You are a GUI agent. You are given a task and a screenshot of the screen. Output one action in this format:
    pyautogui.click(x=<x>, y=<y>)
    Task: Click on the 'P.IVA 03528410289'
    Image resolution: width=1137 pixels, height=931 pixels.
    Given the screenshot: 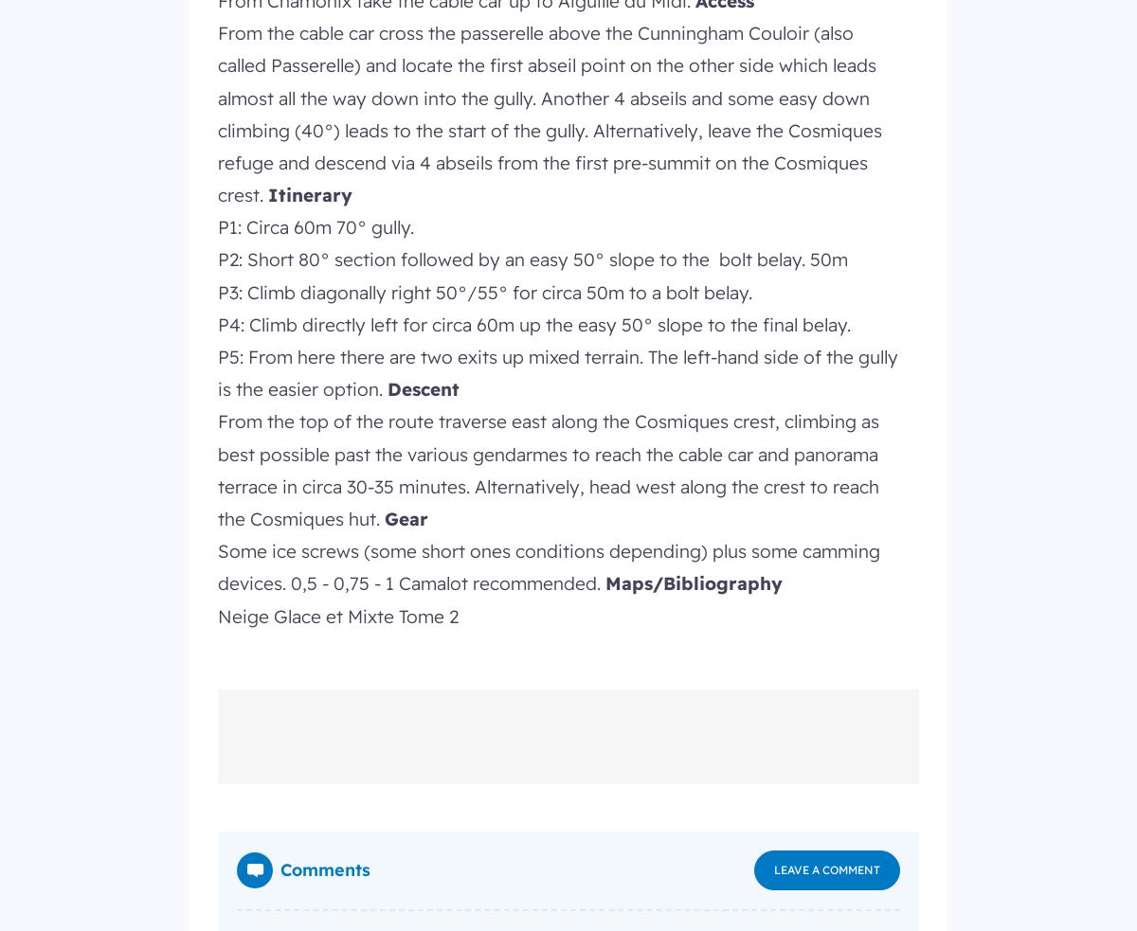 What is the action you would take?
    pyautogui.click(x=267, y=227)
    